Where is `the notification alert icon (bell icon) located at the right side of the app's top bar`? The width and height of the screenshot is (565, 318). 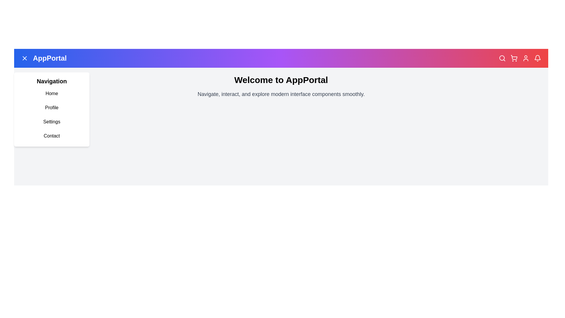 the notification alert icon (bell icon) located at the right side of the app's top bar is located at coordinates (538, 58).